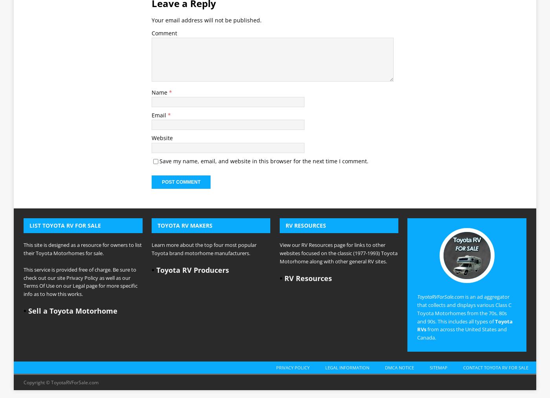 This screenshot has height=398, width=550. What do you see at coordinates (203, 139) in the screenshot?
I see `'Learn more about the top four most popular Toyota brand motorhome manufacturers.'` at bounding box center [203, 139].